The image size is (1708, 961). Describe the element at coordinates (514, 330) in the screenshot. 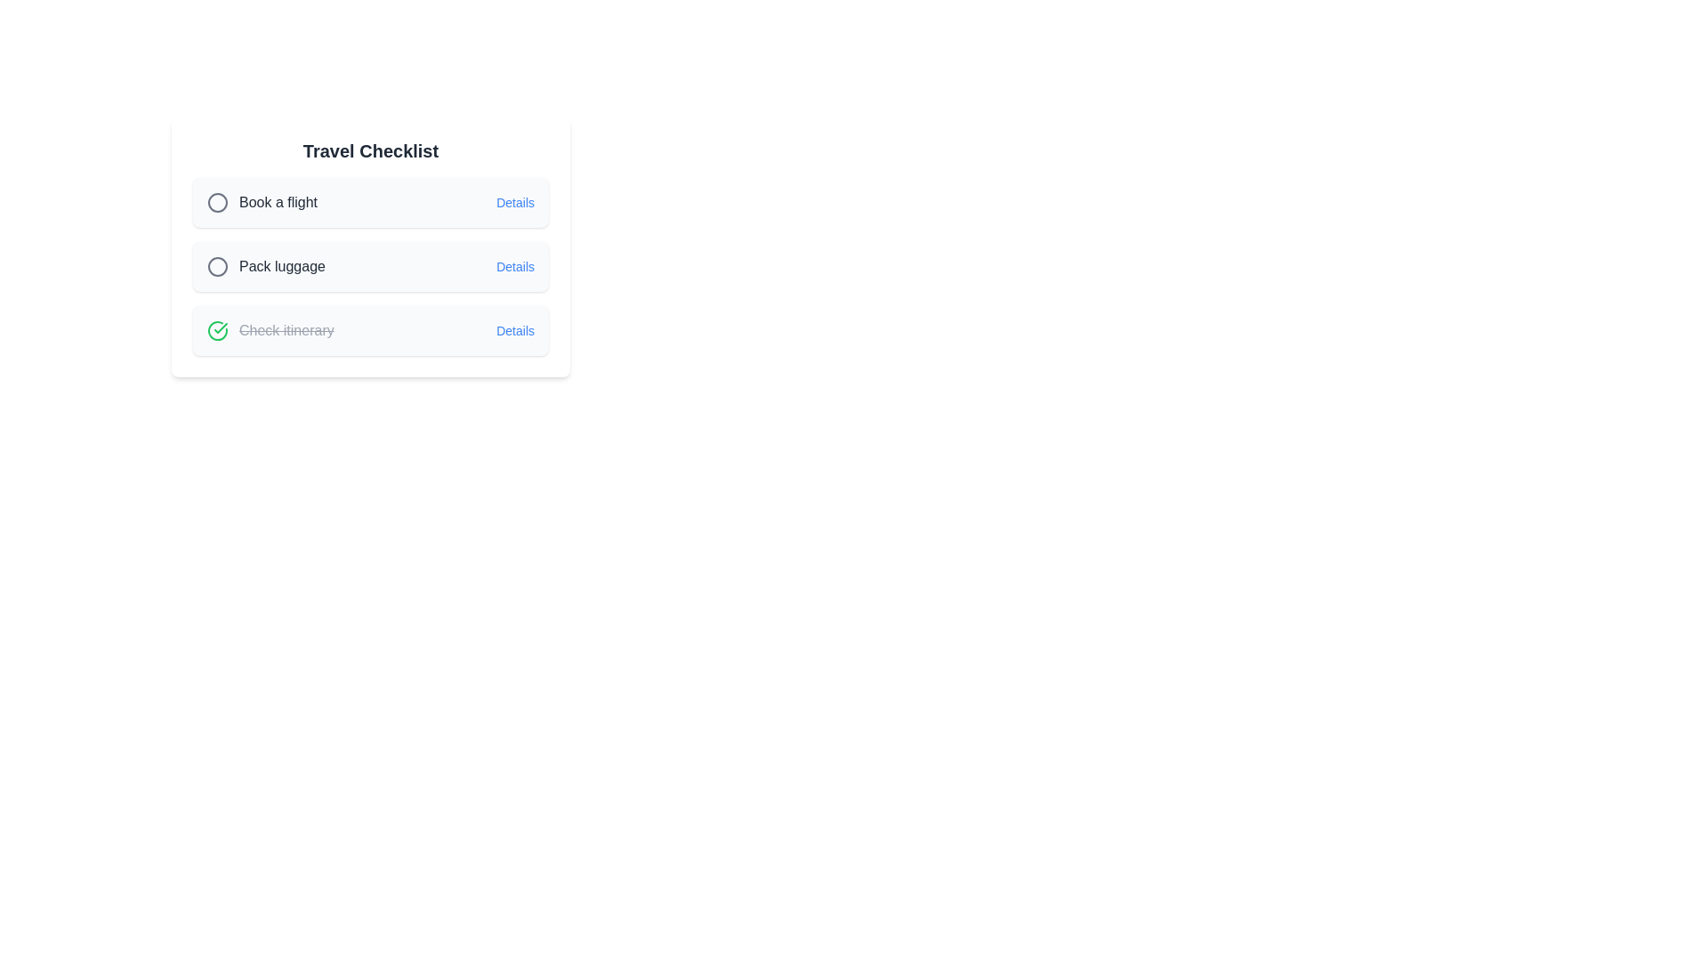

I see `the 'Details' text label located at the bottom checklist item of the 'Travel Checklist'` at that location.